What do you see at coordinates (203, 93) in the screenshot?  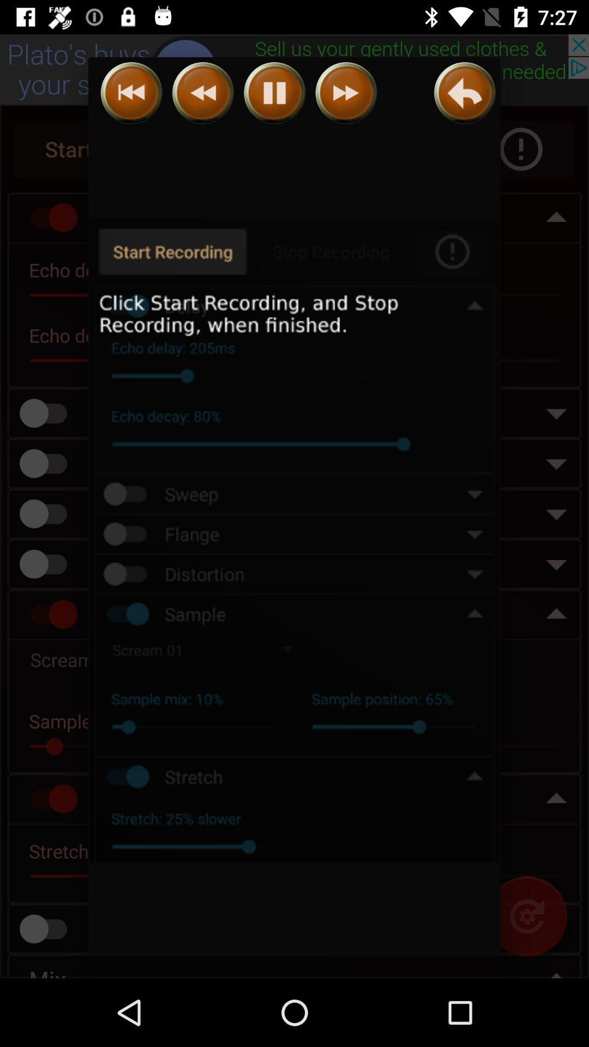 I see `slower` at bounding box center [203, 93].